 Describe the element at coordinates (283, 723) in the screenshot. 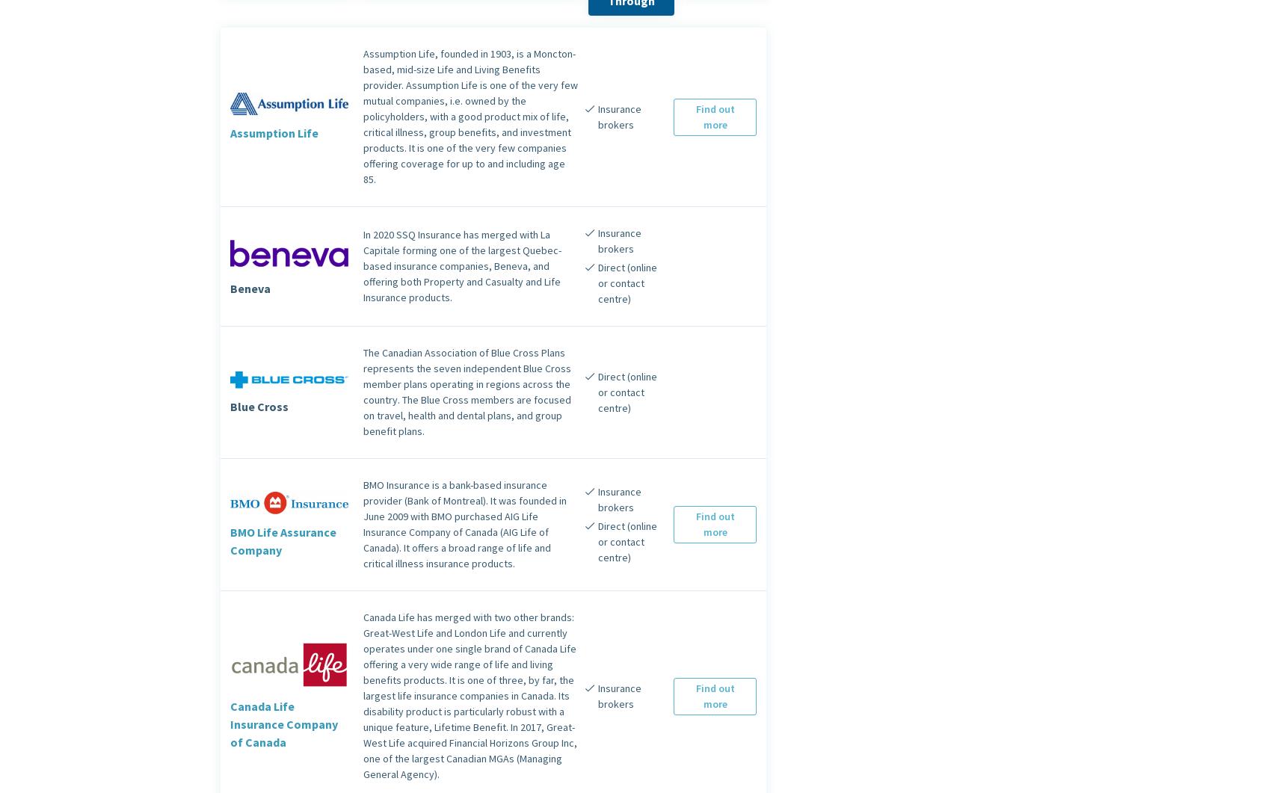

I see `'Canada Life Insurance Company of Canada'` at that location.